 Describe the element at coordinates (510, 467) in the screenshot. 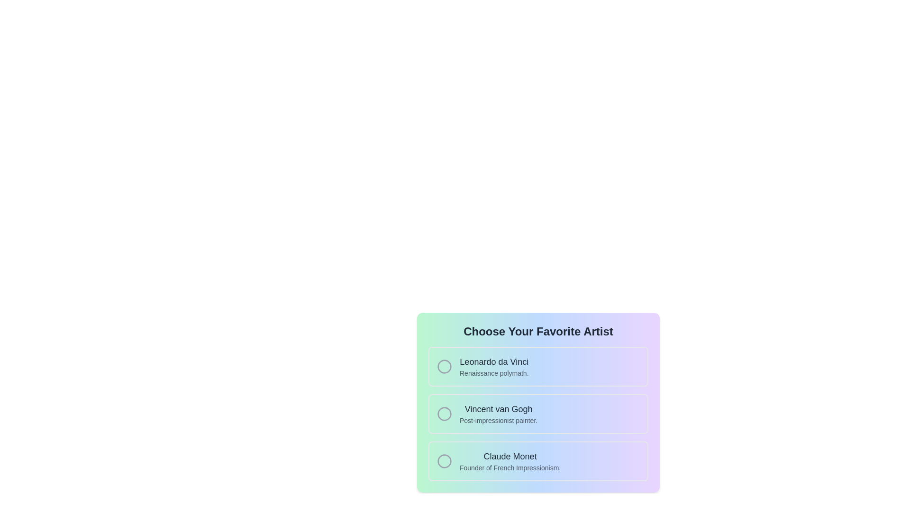

I see `the static text label providing information about Claude Monet, the founder of French Impressionism, located in the third selectable option of the 'Choose Your Favorite Artist' list` at that location.